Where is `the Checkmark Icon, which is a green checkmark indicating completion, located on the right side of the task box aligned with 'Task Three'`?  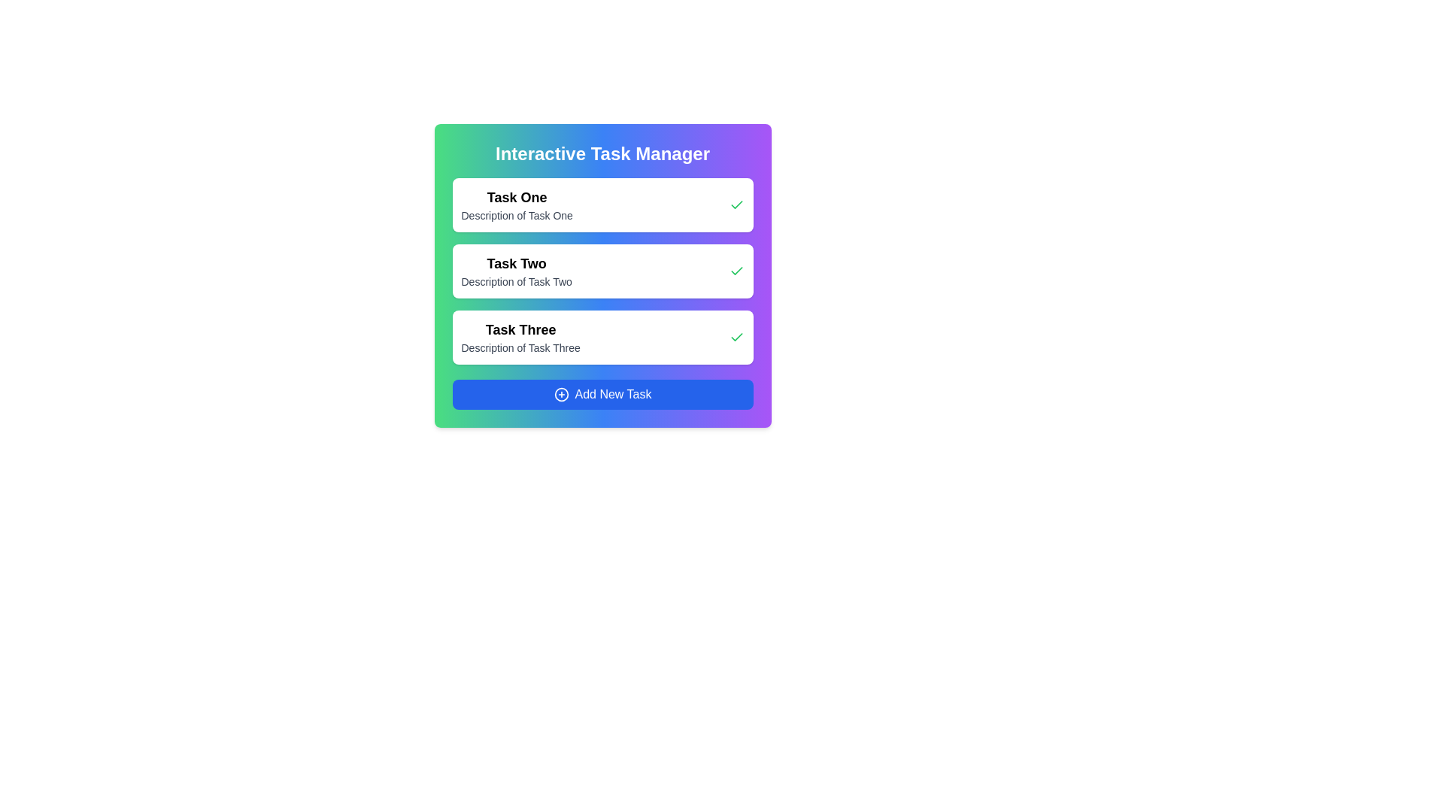 the Checkmark Icon, which is a green checkmark indicating completion, located on the right side of the task box aligned with 'Task Three' is located at coordinates (736, 336).